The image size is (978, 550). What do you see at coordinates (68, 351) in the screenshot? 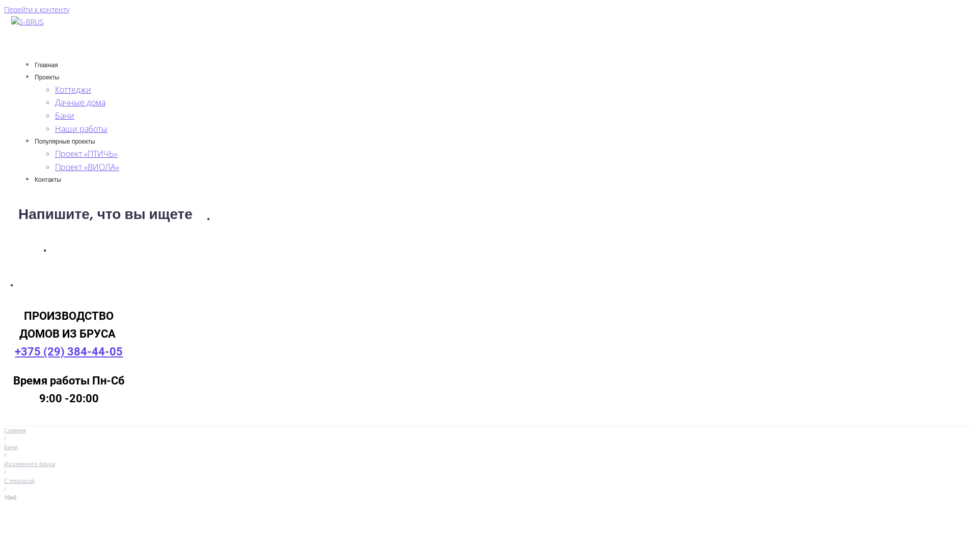
I see `'+375 (29) 384-44-05'` at bounding box center [68, 351].